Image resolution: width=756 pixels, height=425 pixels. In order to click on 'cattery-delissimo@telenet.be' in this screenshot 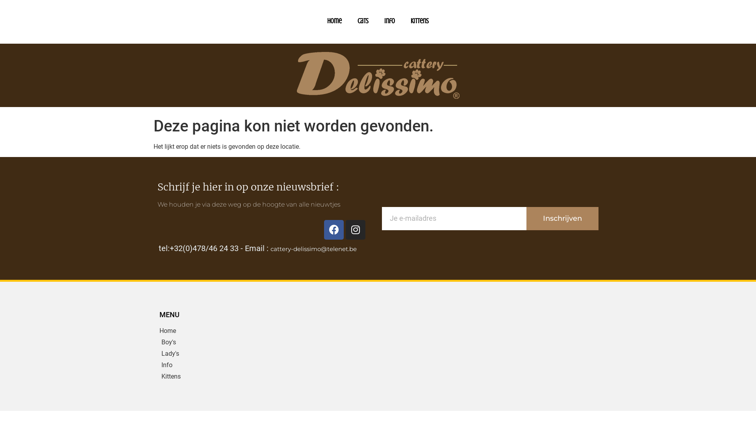, I will do `click(270, 249)`.